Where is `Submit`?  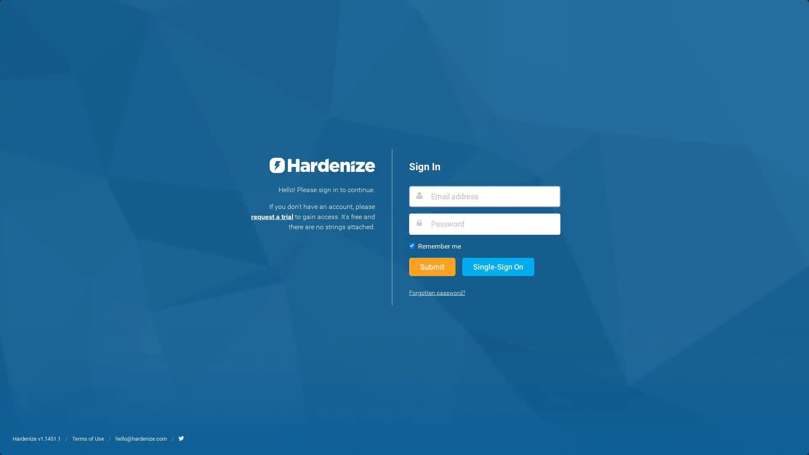
Submit is located at coordinates (432, 266).